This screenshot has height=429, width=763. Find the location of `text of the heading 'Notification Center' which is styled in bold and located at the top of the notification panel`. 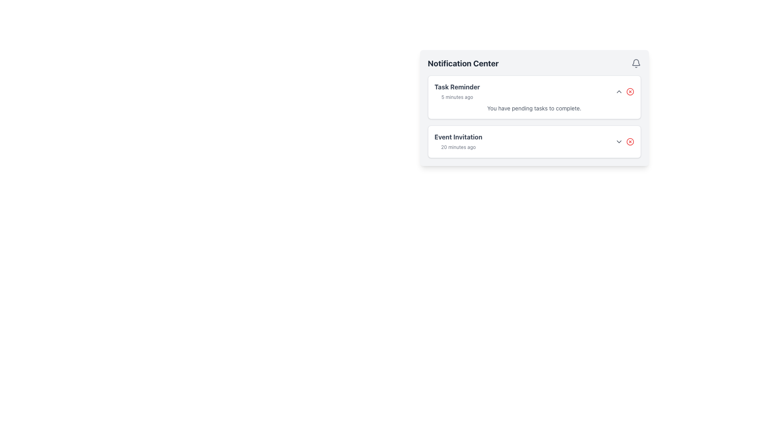

text of the heading 'Notification Center' which is styled in bold and located at the top of the notification panel is located at coordinates (463, 63).